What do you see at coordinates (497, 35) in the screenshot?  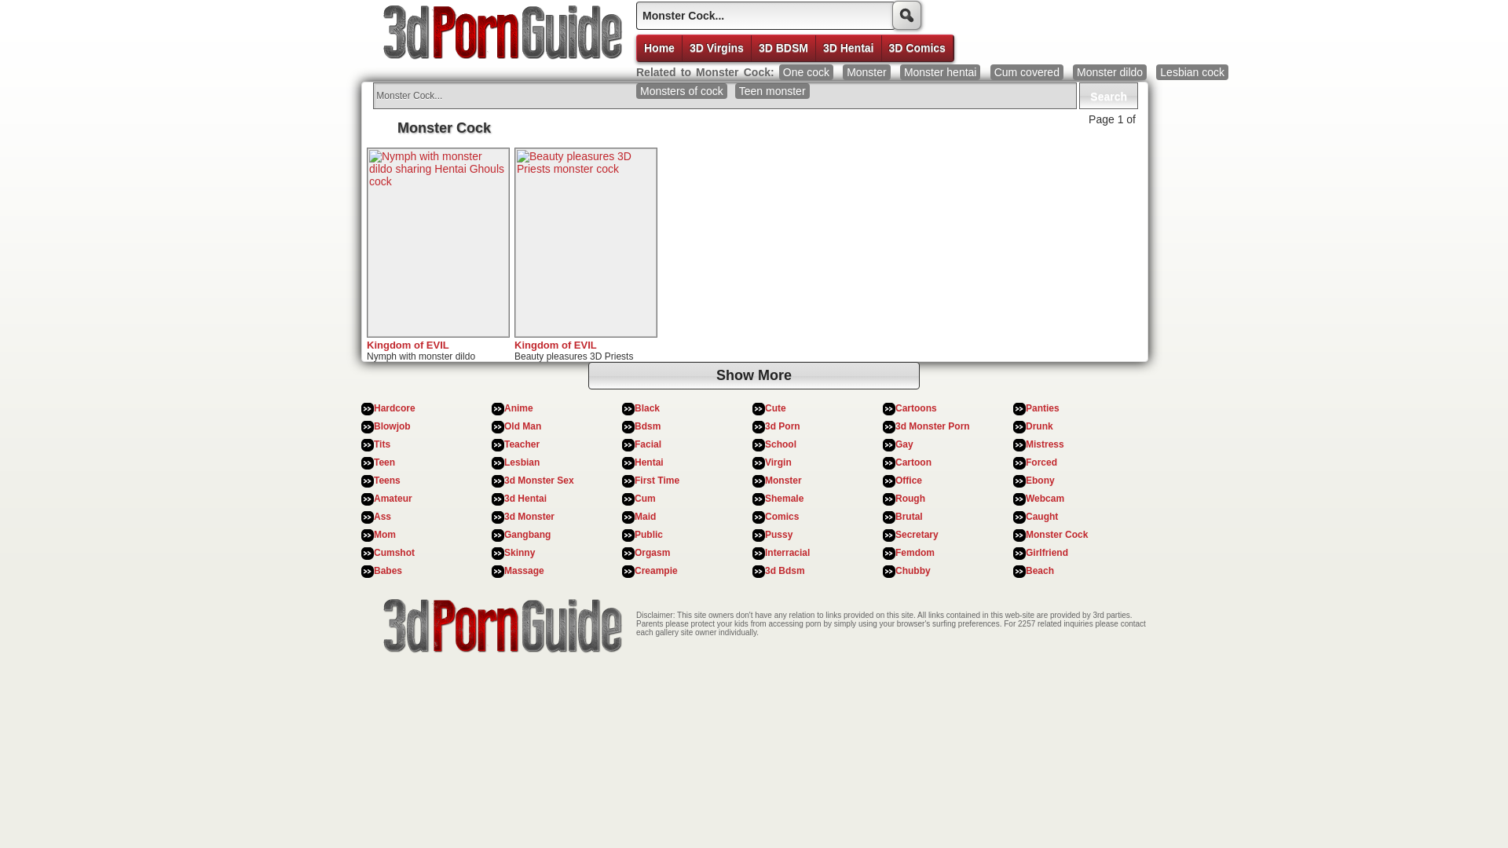 I see `'3D Porn Guide'` at bounding box center [497, 35].